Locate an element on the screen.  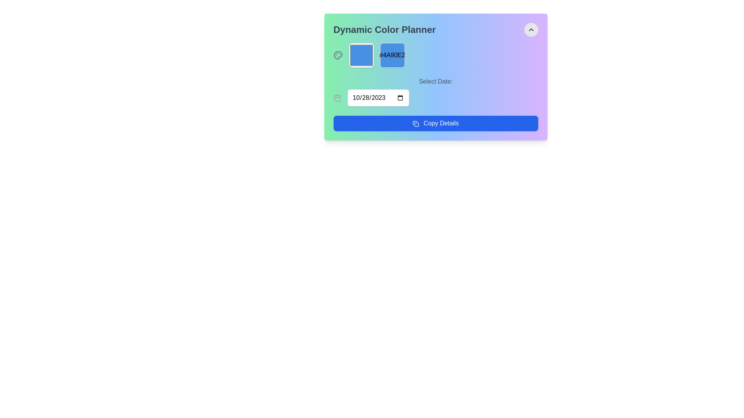
the upward chevron-shaped caret symbol located within a circular button with a light gray background at the top-right corner of the interface is located at coordinates (530, 29).